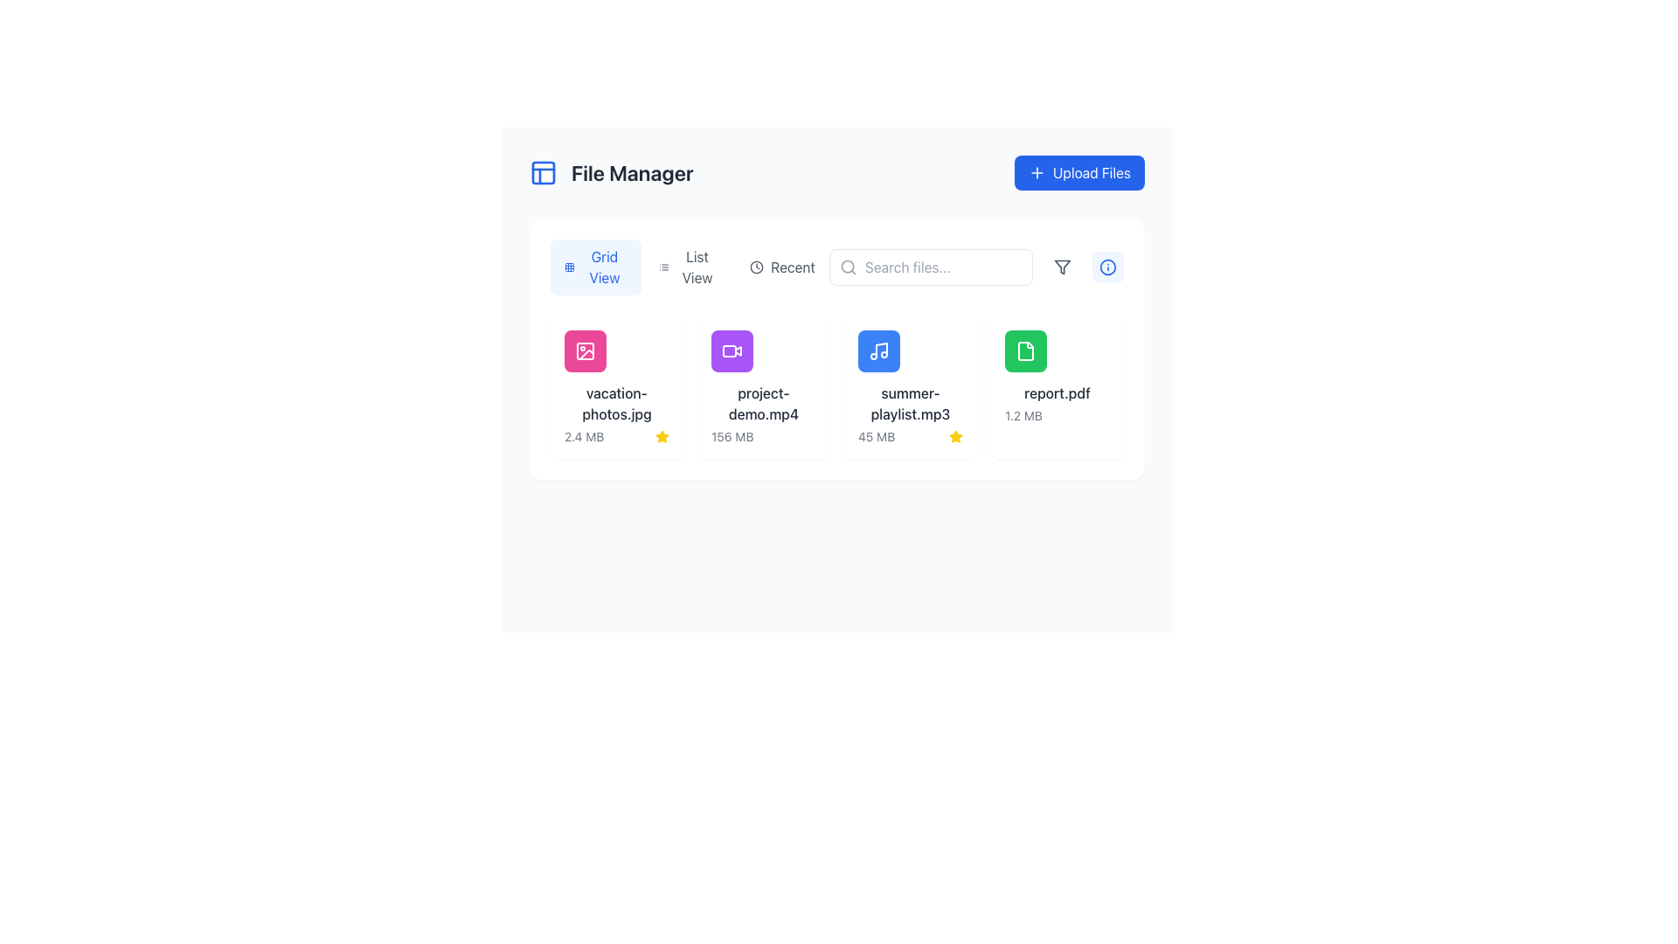  I want to click on the filter button located in the header area of the interface, adjacent to the search bar on its right-hand side, to apply filters for refining content in the file manager, so click(1061, 267).